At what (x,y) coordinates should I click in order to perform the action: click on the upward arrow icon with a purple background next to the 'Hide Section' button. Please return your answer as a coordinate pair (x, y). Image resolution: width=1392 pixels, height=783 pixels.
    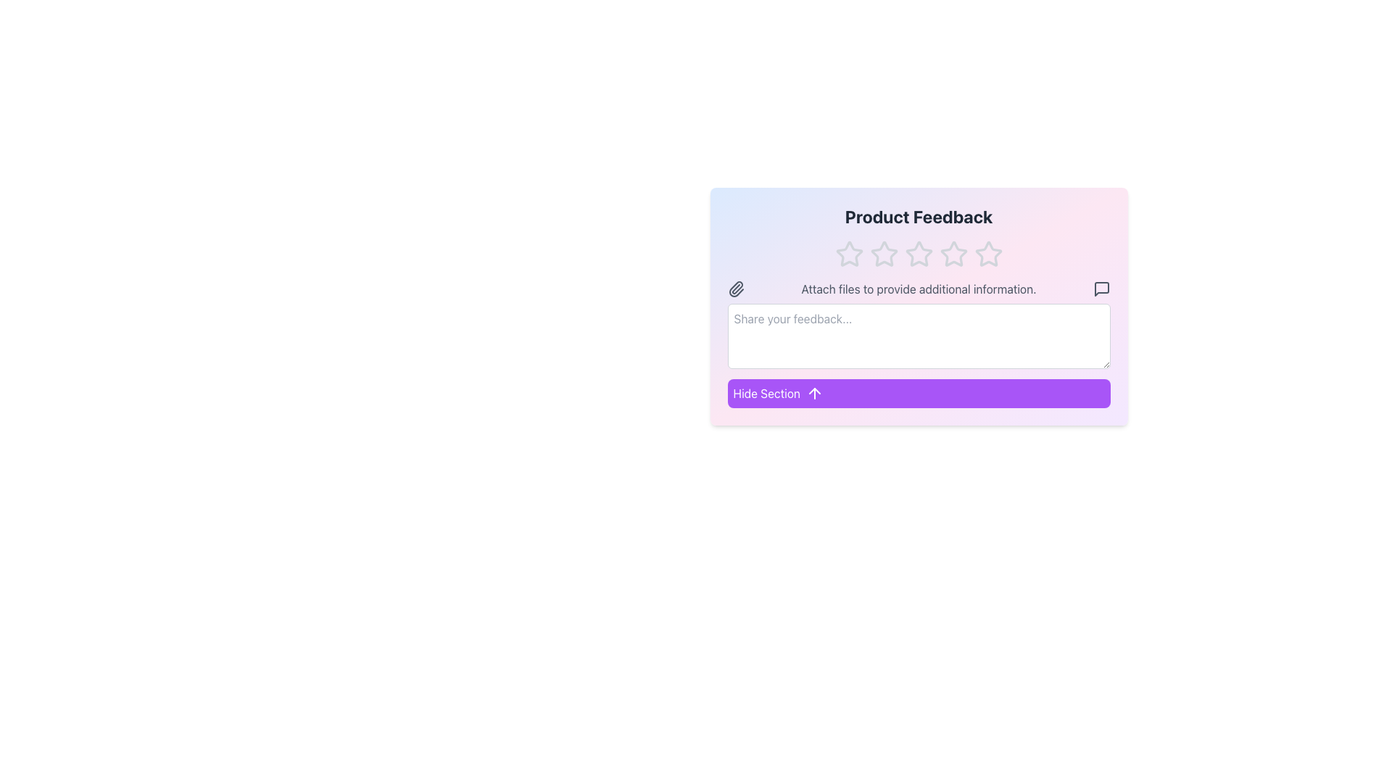
    Looking at the image, I should click on (814, 394).